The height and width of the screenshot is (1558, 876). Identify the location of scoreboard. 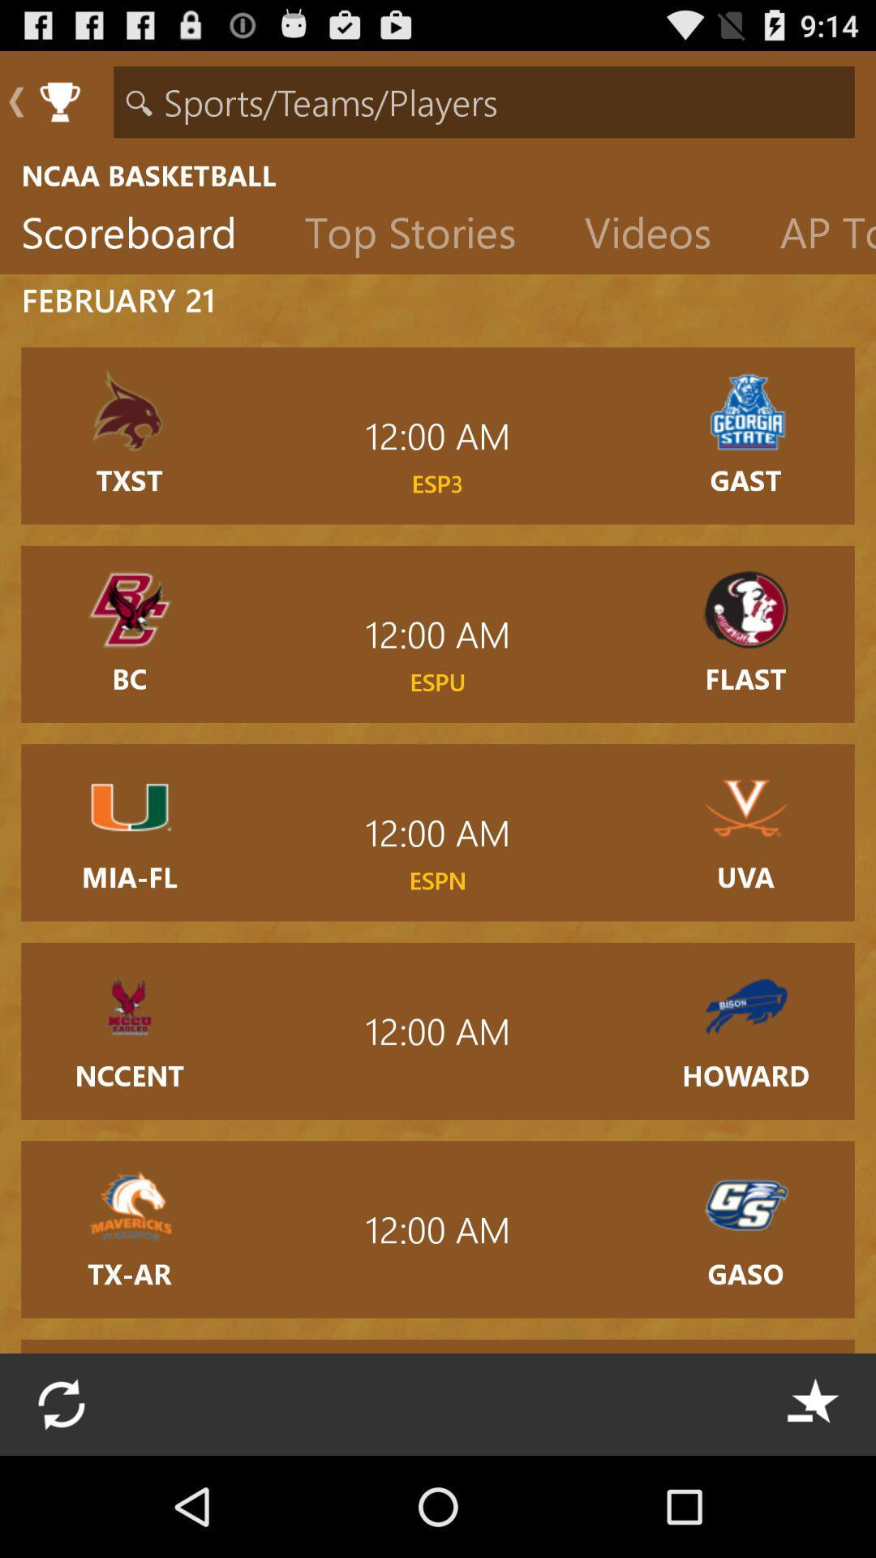
(140, 235).